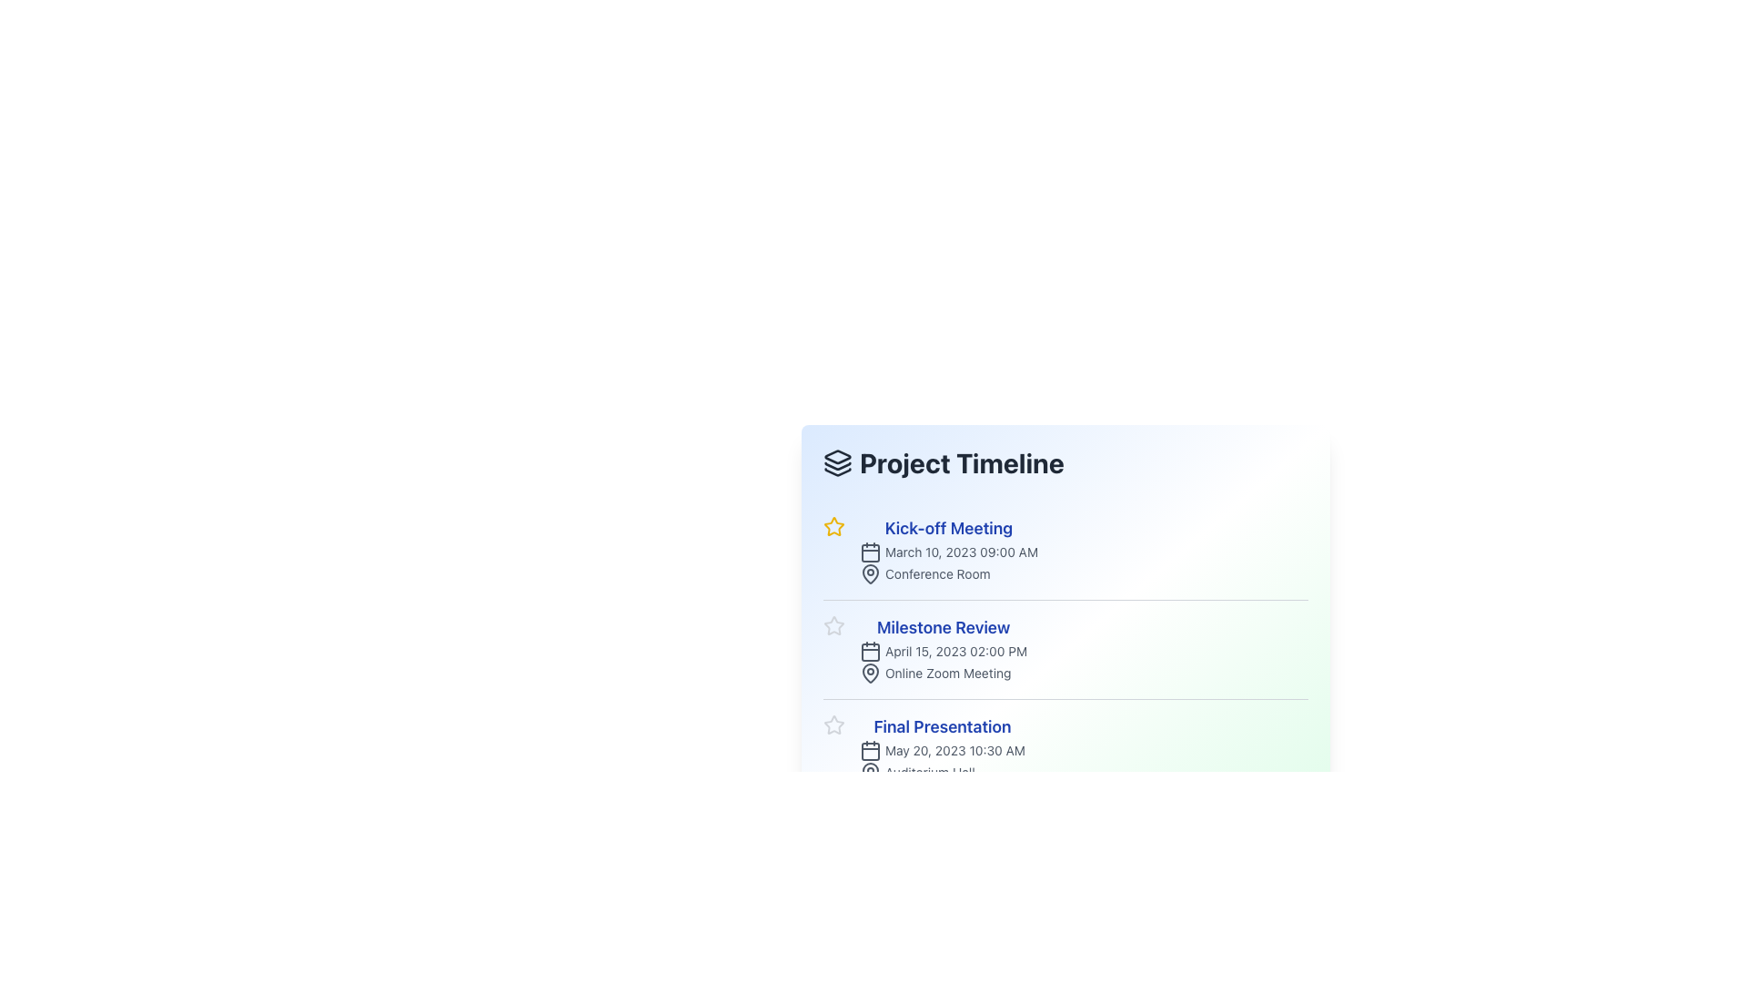  Describe the element at coordinates (869, 574) in the screenshot. I see `the map pin icon that indicates the geographic location of the 'Conference Room' for the 'Kick-off Meeting' in the 'Project Timeline' section` at that location.